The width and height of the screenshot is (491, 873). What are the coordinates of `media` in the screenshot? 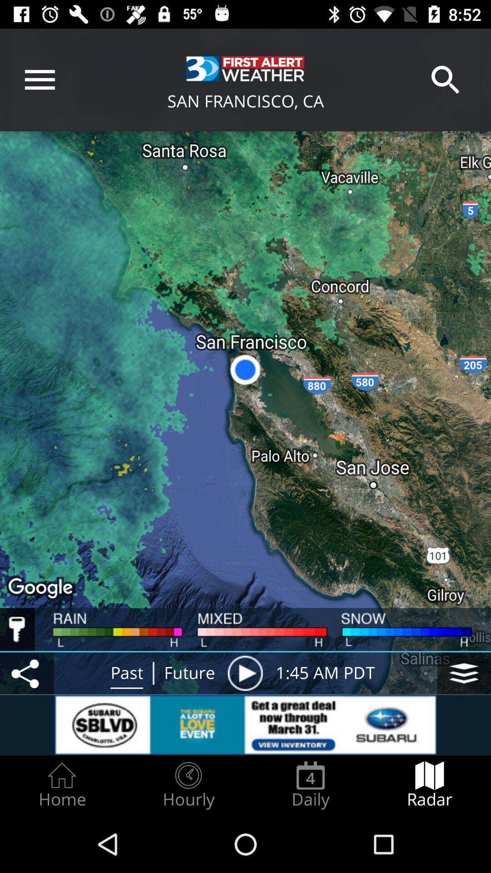 It's located at (245, 673).